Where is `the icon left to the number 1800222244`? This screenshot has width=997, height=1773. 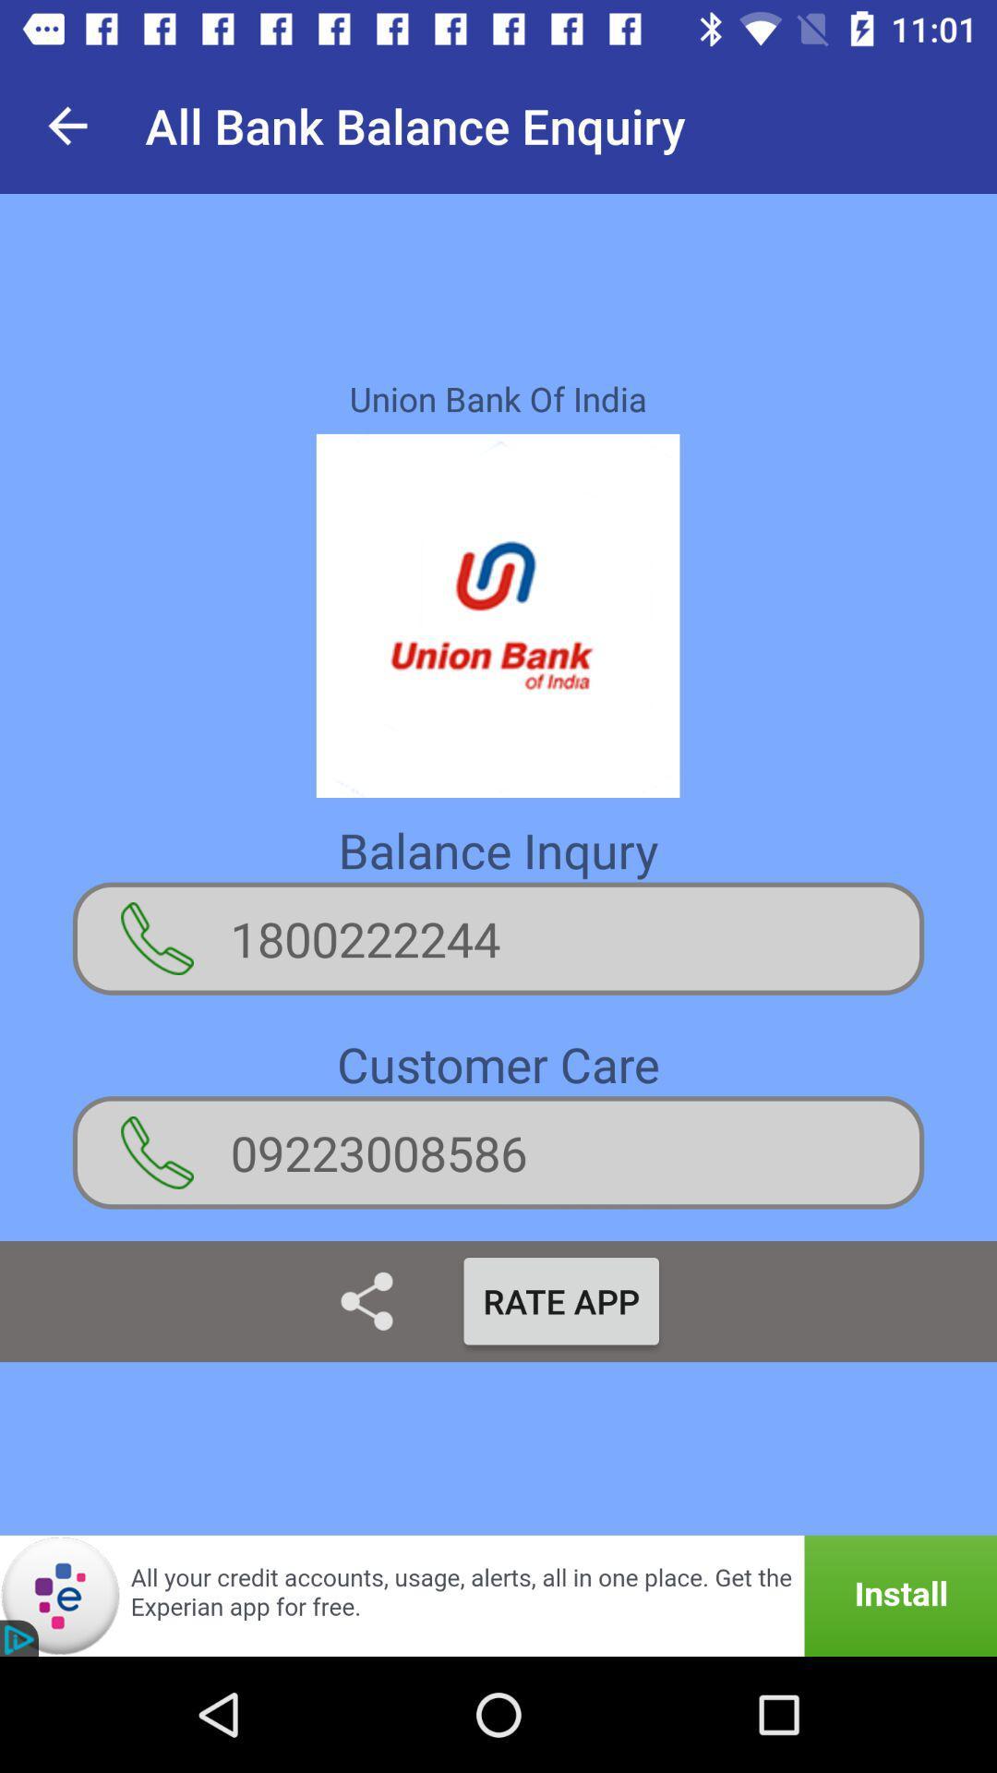
the icon left to the number 1800222244 is located at coordinates (156, 938).